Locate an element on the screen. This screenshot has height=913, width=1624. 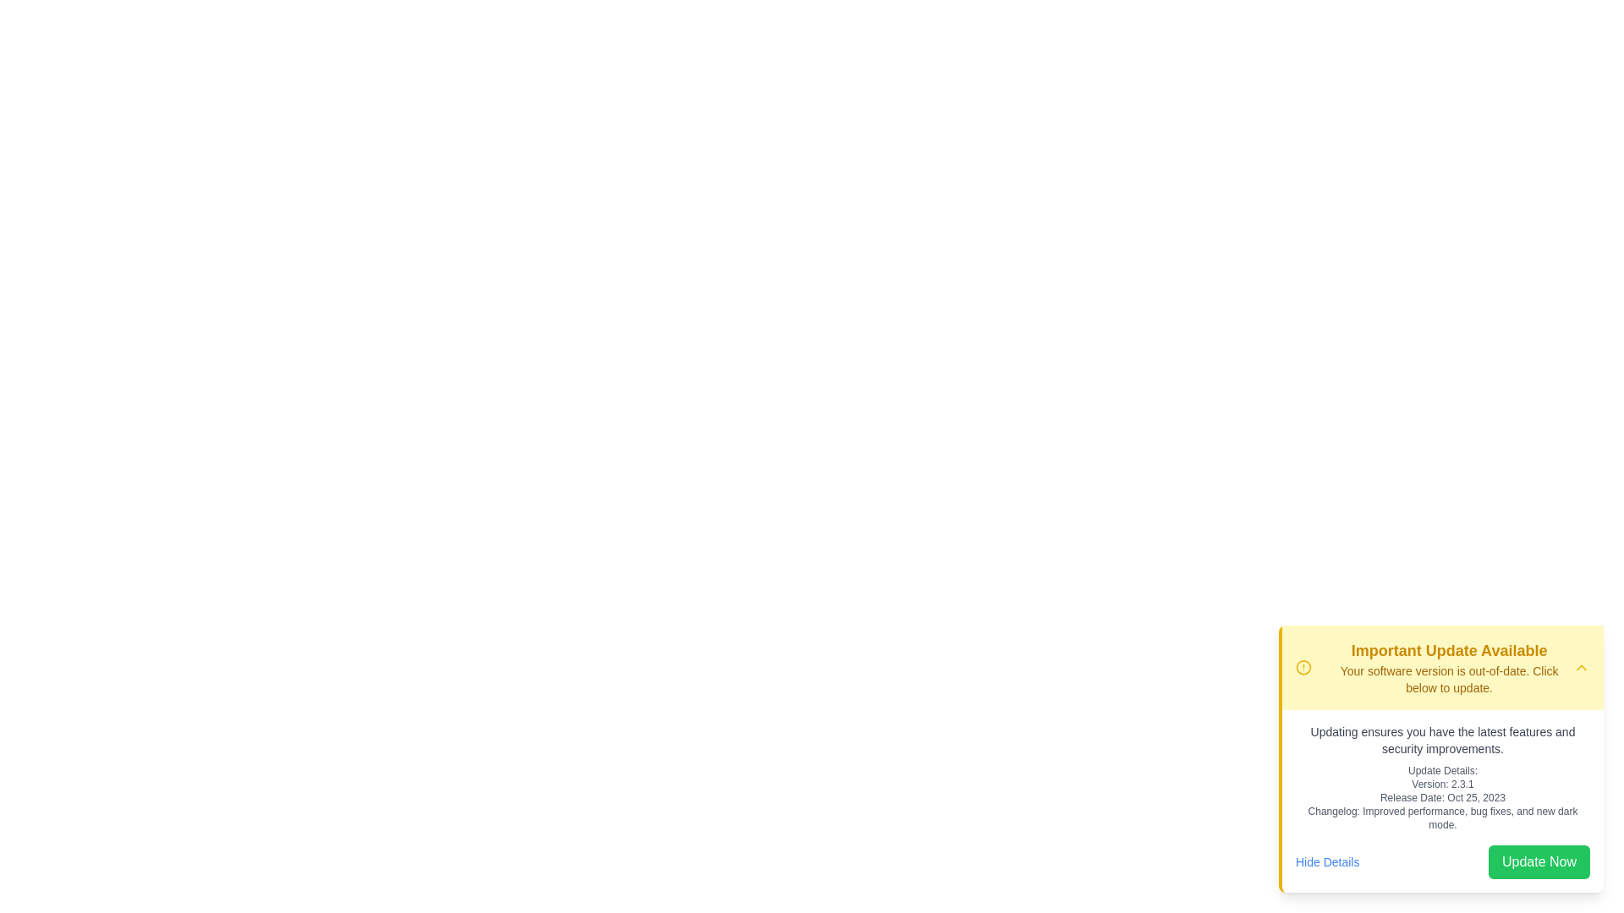
the green 'Update Now' button located at the bottom right corner of the notification box to initiate the update process is located at coordinates (1539, 861).